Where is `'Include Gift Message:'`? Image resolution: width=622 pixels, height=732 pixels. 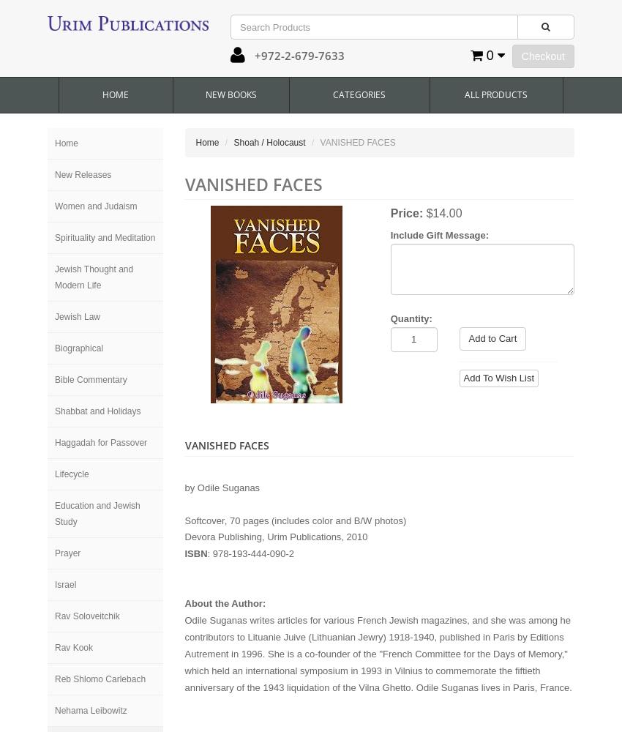
'Include Gift Message:' is located at coordinates (438, 234).